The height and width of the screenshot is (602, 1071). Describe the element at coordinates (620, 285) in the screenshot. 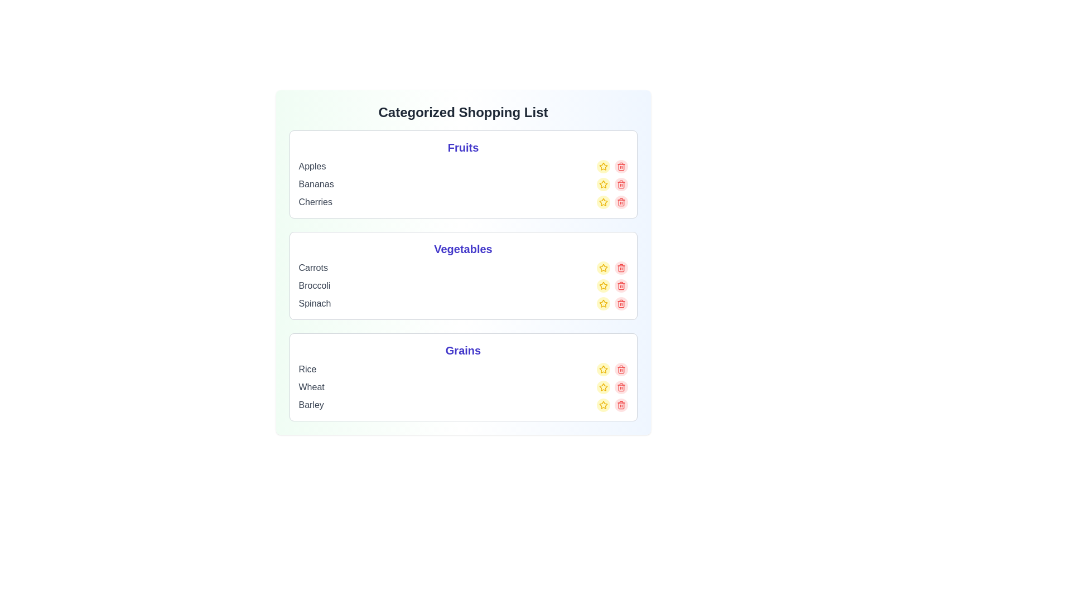

I see `the delete button for the item Broccoli` at that location.